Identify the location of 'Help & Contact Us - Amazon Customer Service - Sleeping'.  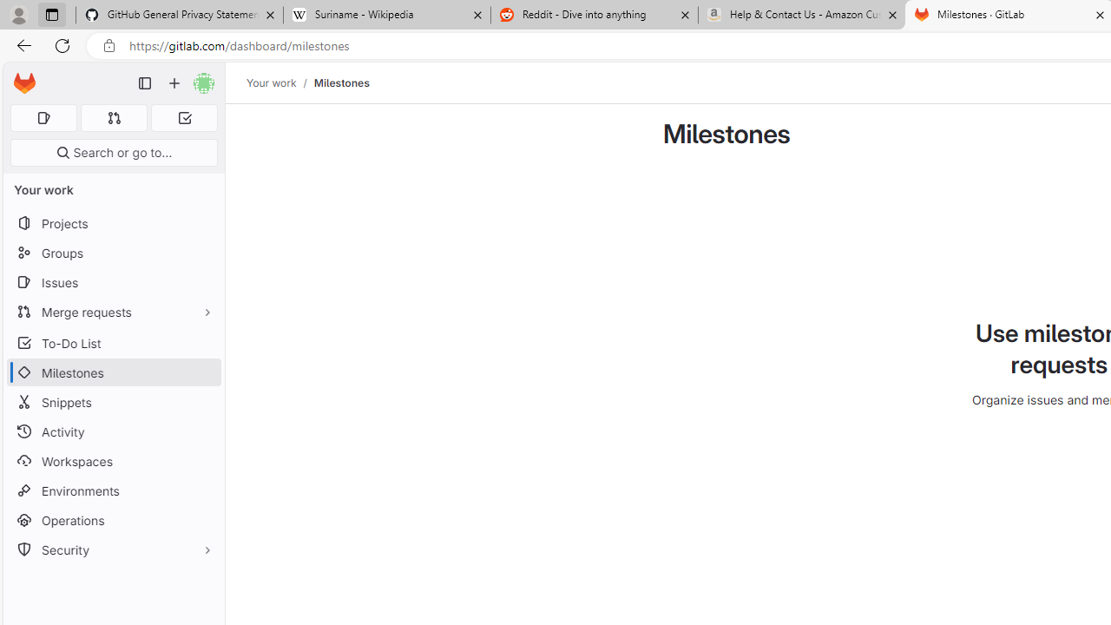
(801, 15).